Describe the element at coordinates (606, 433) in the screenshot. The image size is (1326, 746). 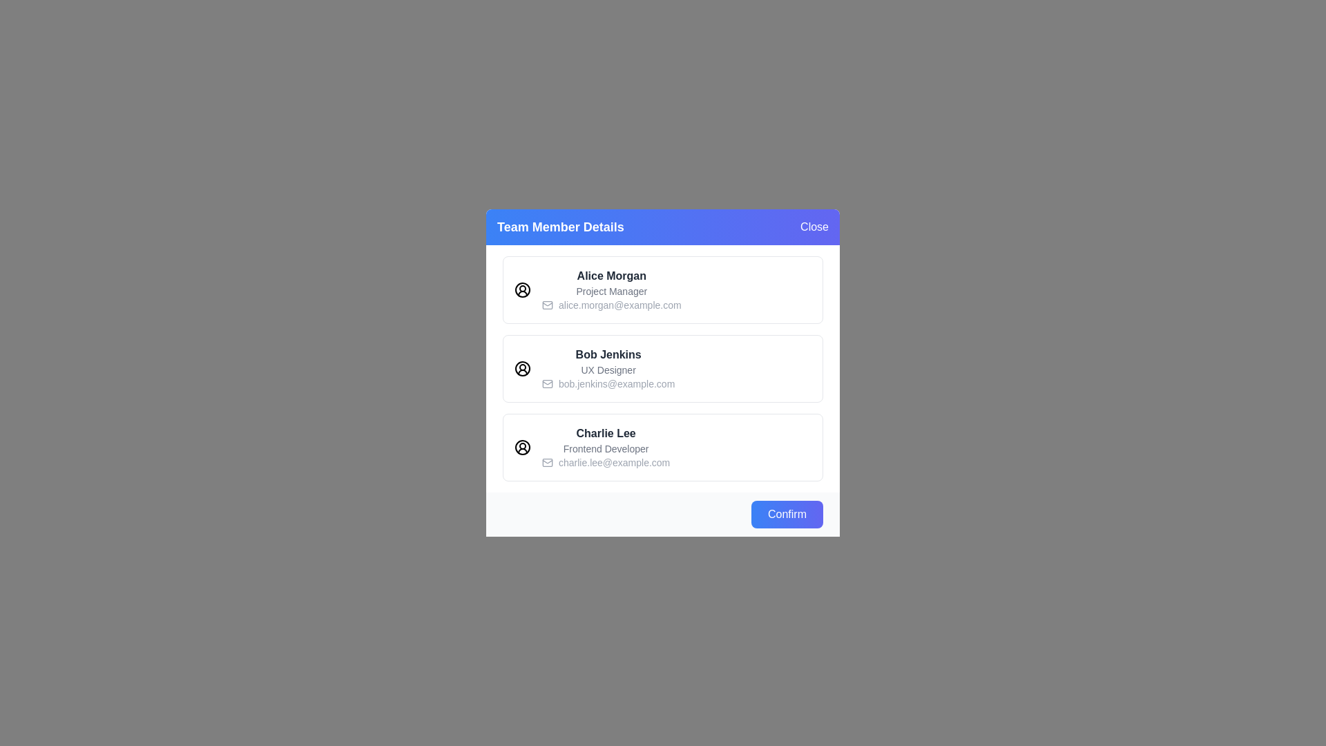
I see `the text element displaying the name of a team member, which is located in the first position of the third card from the top in a vertically stacked list of team members` at that location.